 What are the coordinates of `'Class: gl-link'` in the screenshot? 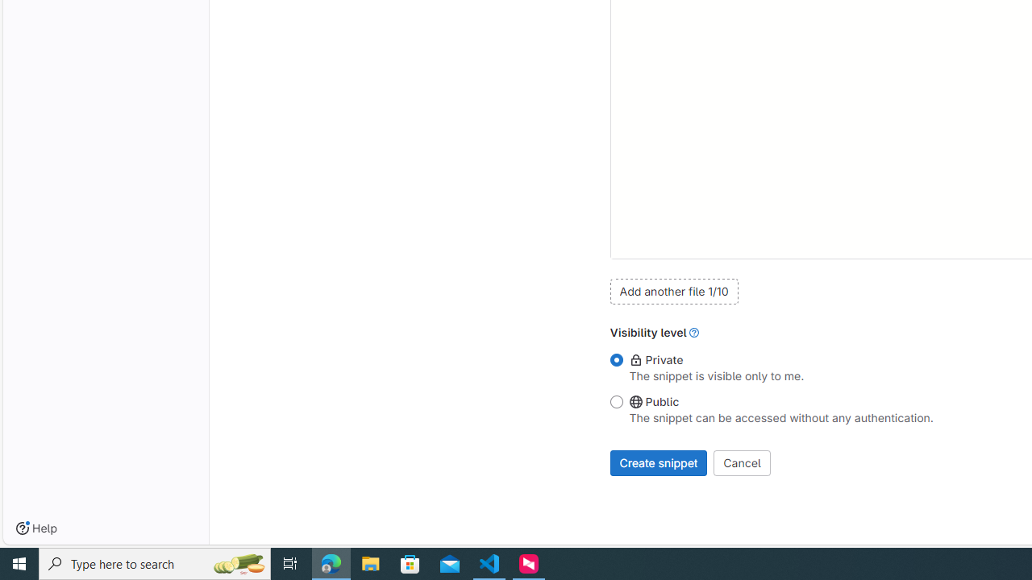 It's located at (694, 331).